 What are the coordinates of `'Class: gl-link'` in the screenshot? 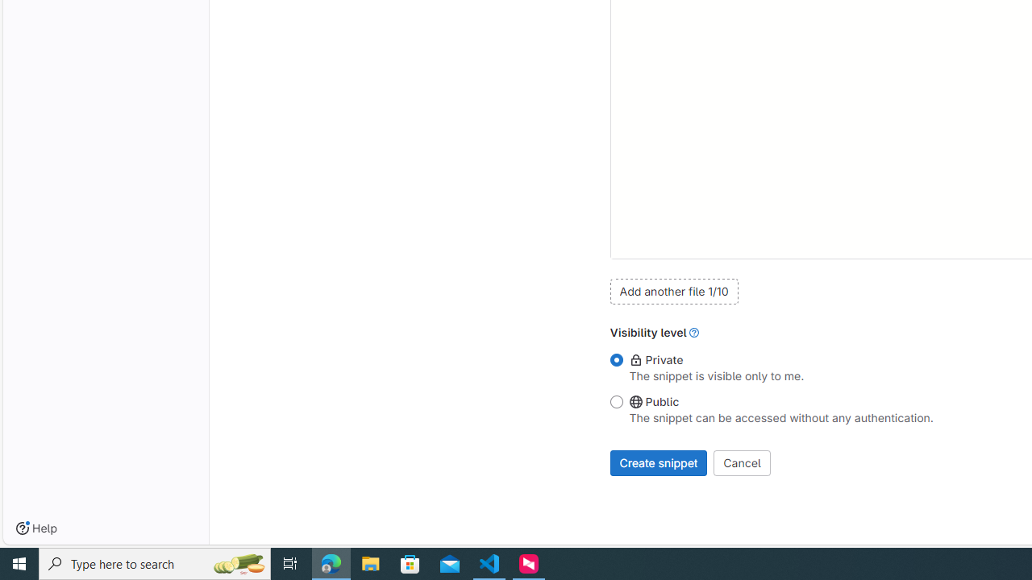 It's located at (694, 331).